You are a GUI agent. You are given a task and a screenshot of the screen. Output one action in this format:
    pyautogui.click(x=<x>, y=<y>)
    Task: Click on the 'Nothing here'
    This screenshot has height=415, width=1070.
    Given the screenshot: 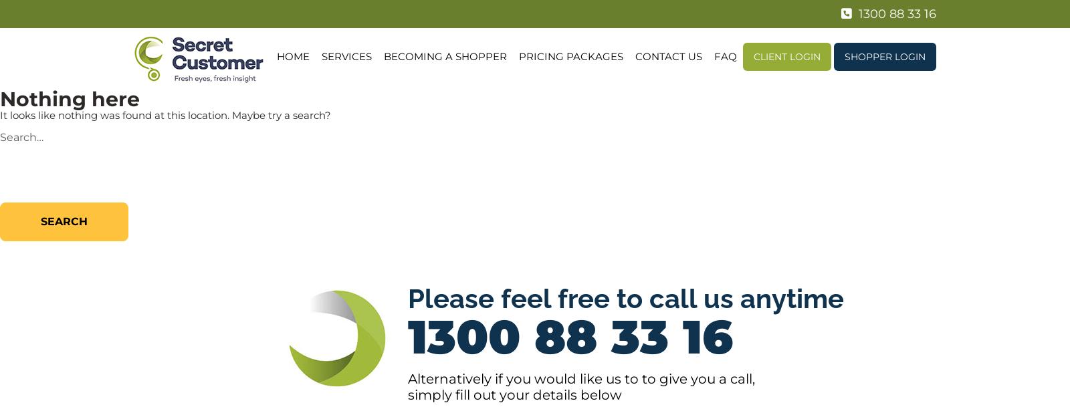 What is the action you would take?
    pyautogui.click(x=69, y=98)
    